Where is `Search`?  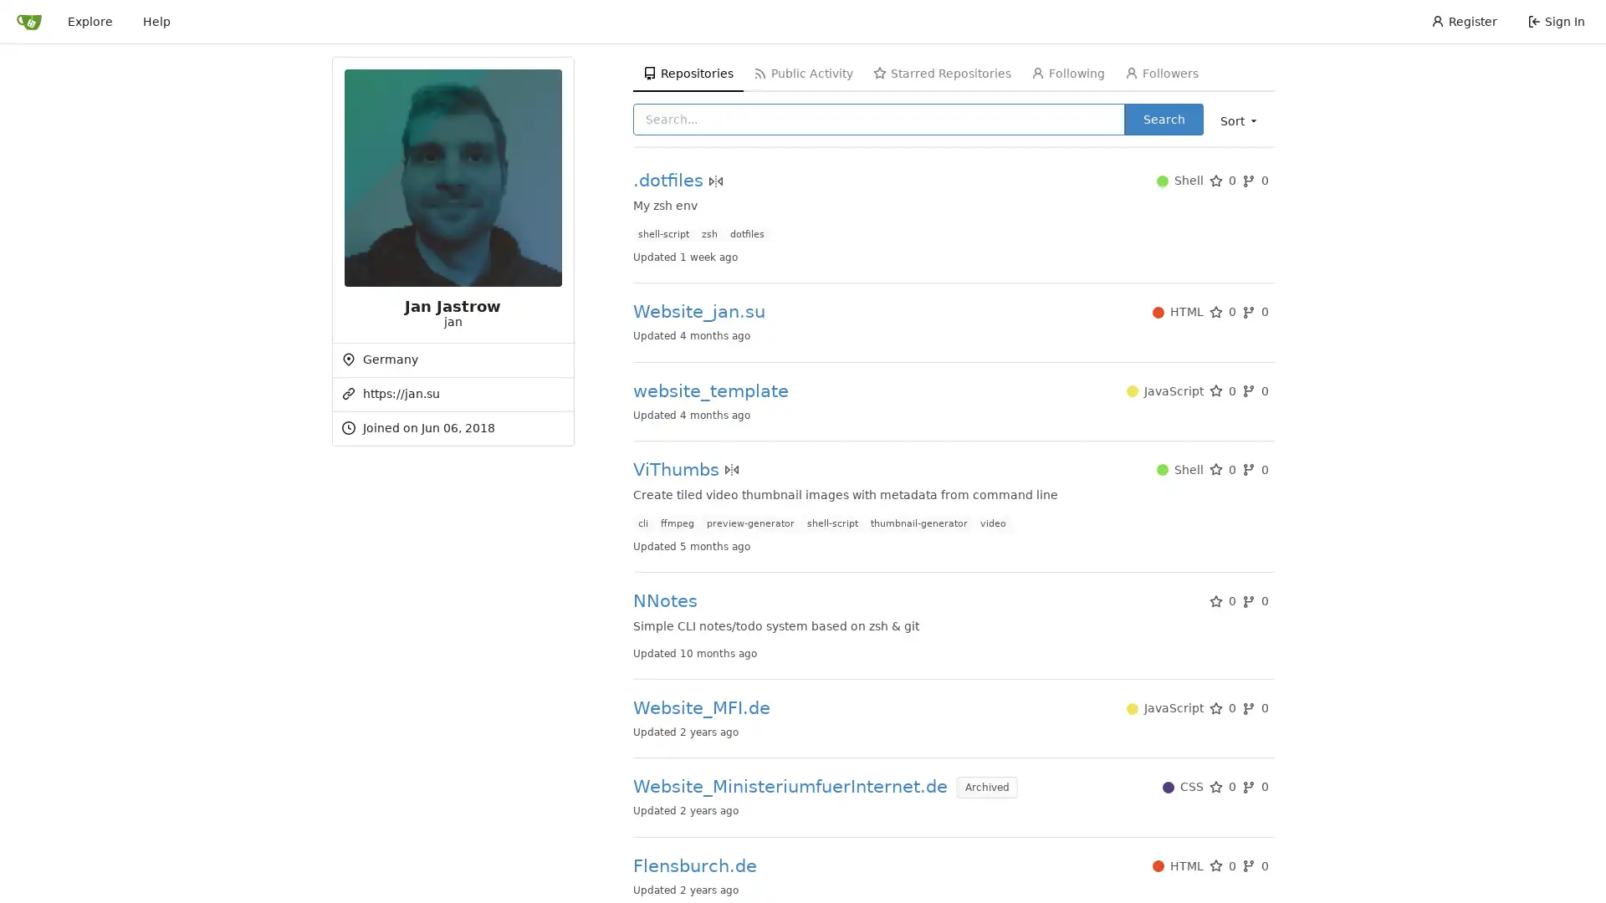 Search is located at coordinates (1163, 118).